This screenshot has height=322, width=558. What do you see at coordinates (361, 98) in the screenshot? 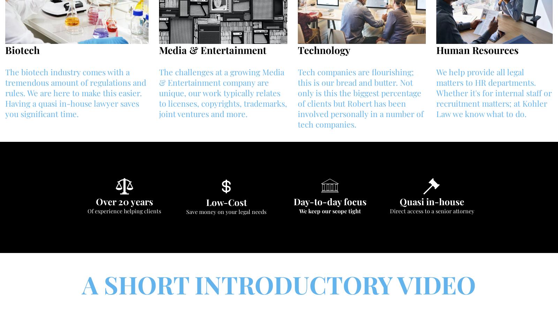
I see `'Tech companies are flourishing; this is our bread and butter. Not only is this the biggest percentage of clients but Robert has been involved personally in a number of tech companies.'` at bounding box center [361, 98].